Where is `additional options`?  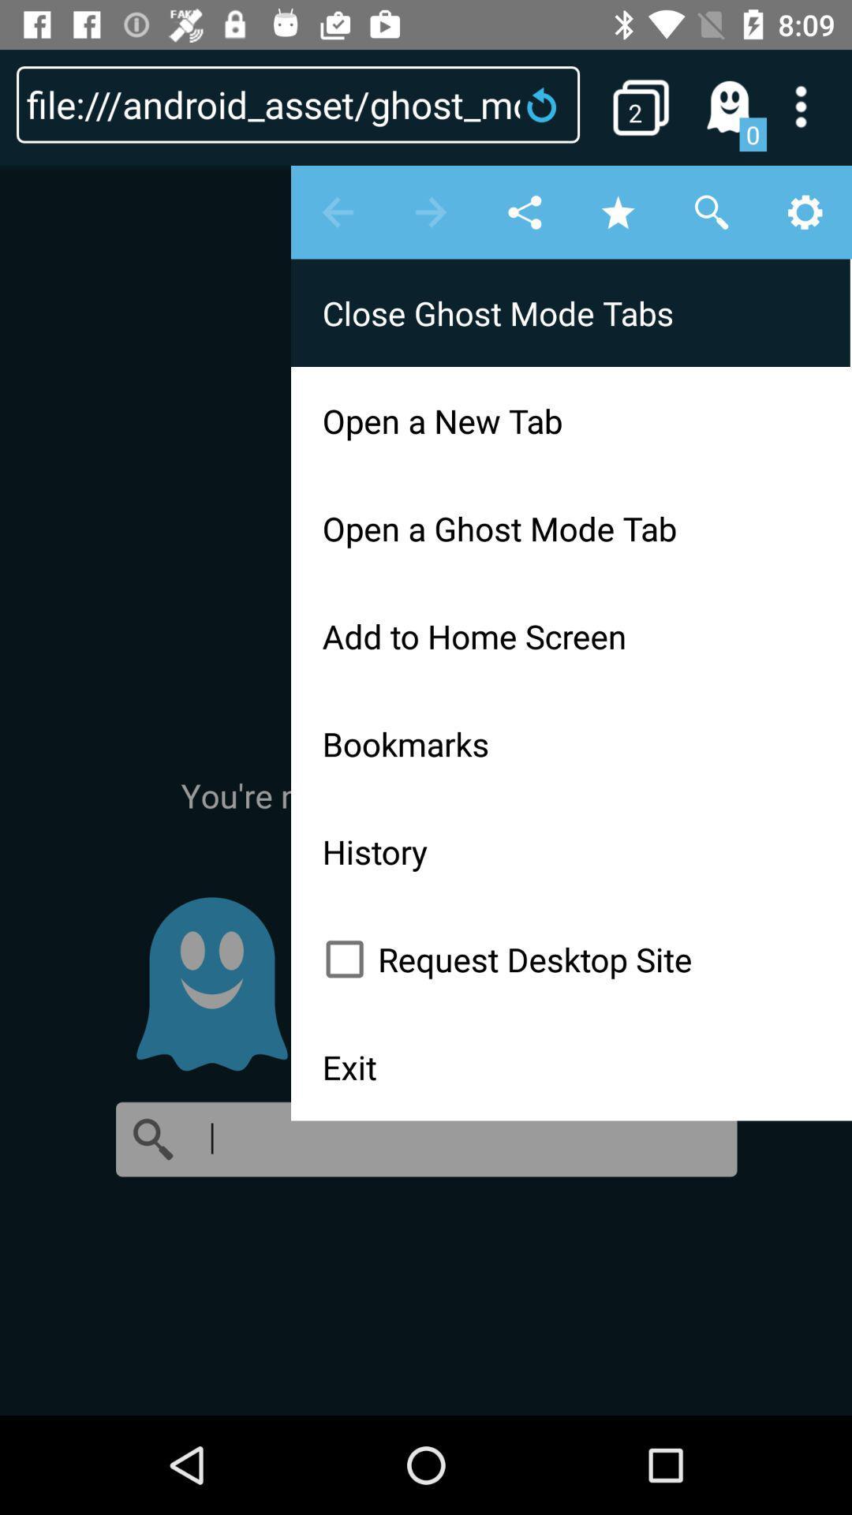 additional options is located at coordinates (811, 106).